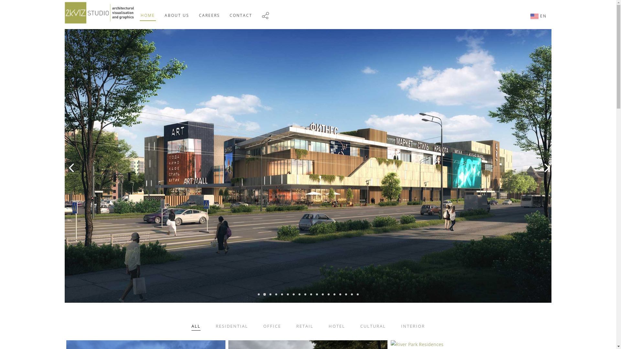  What do you see at coordinates (272, 326) in the screenshot?
I see `'OFFICE'` at bounding box center [272, 326].